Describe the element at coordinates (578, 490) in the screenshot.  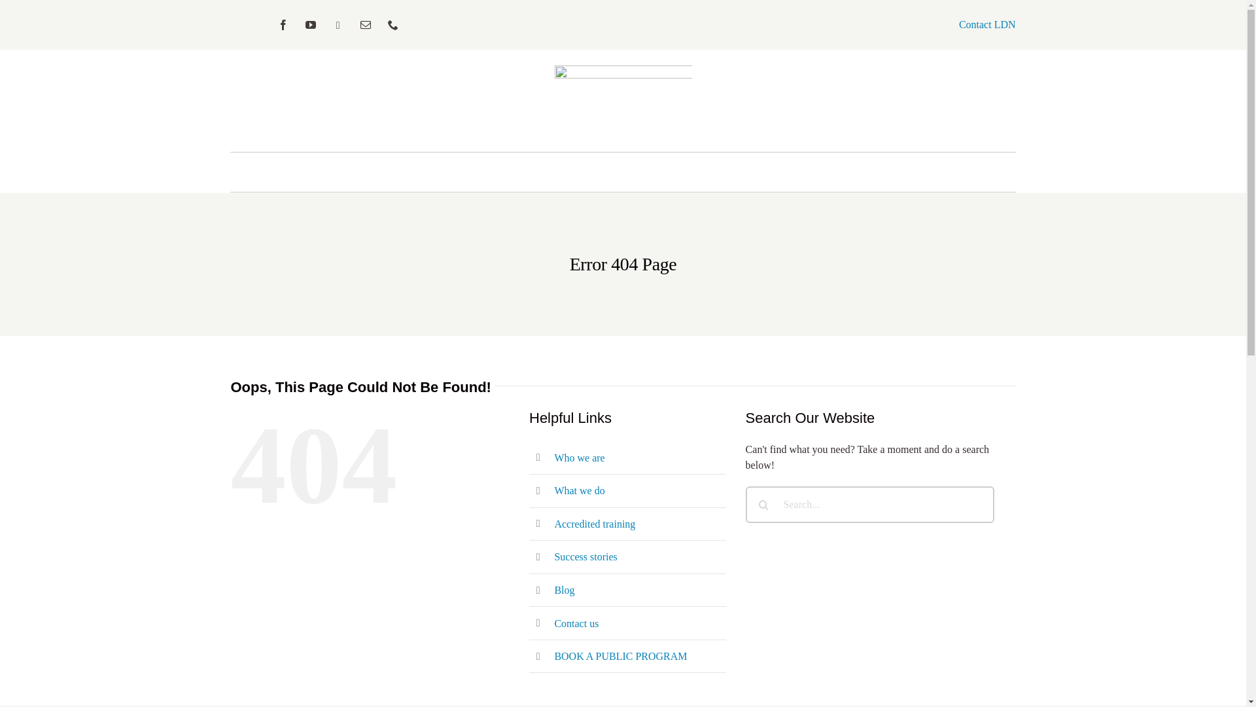
I see `'What we do'` at that location.